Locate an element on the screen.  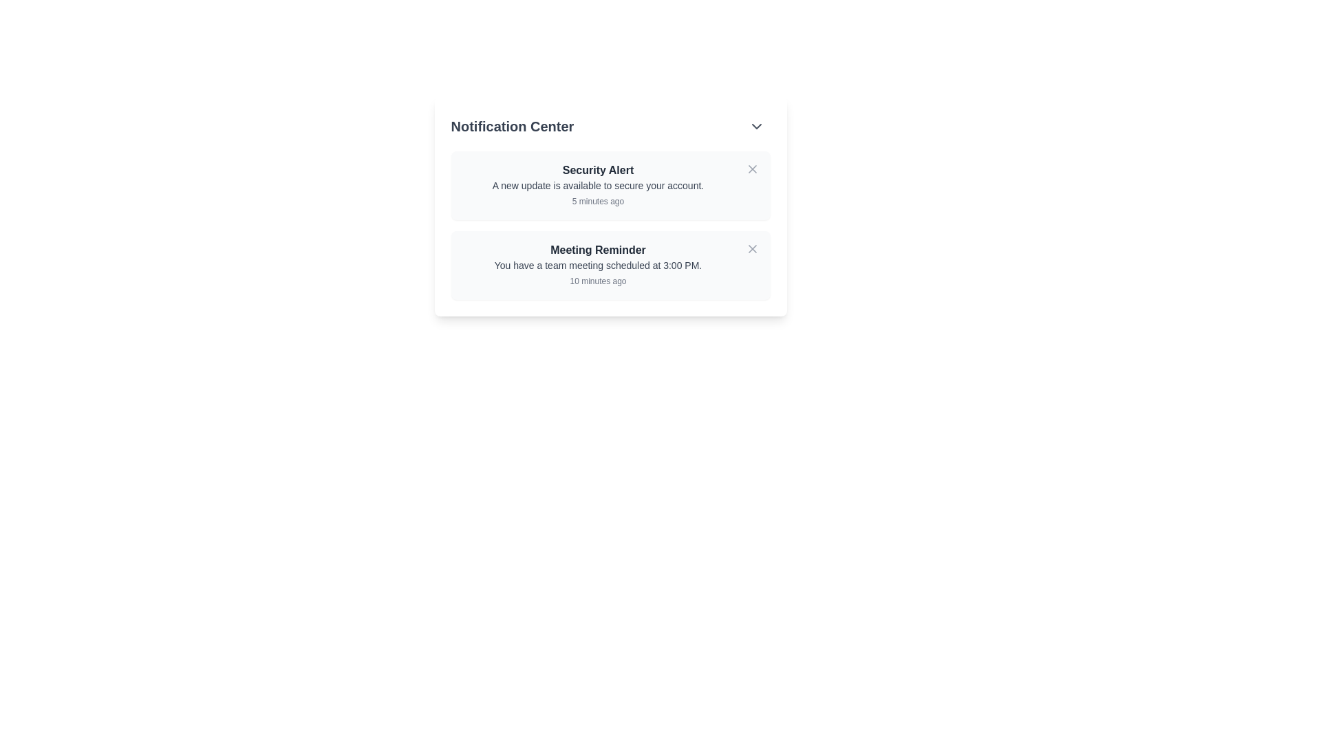
the informational text indicating the time elapsed since the notification was generated, located below the meeting time in the 'Meeting Reminder' notification card is located at coordinates (598, 280).